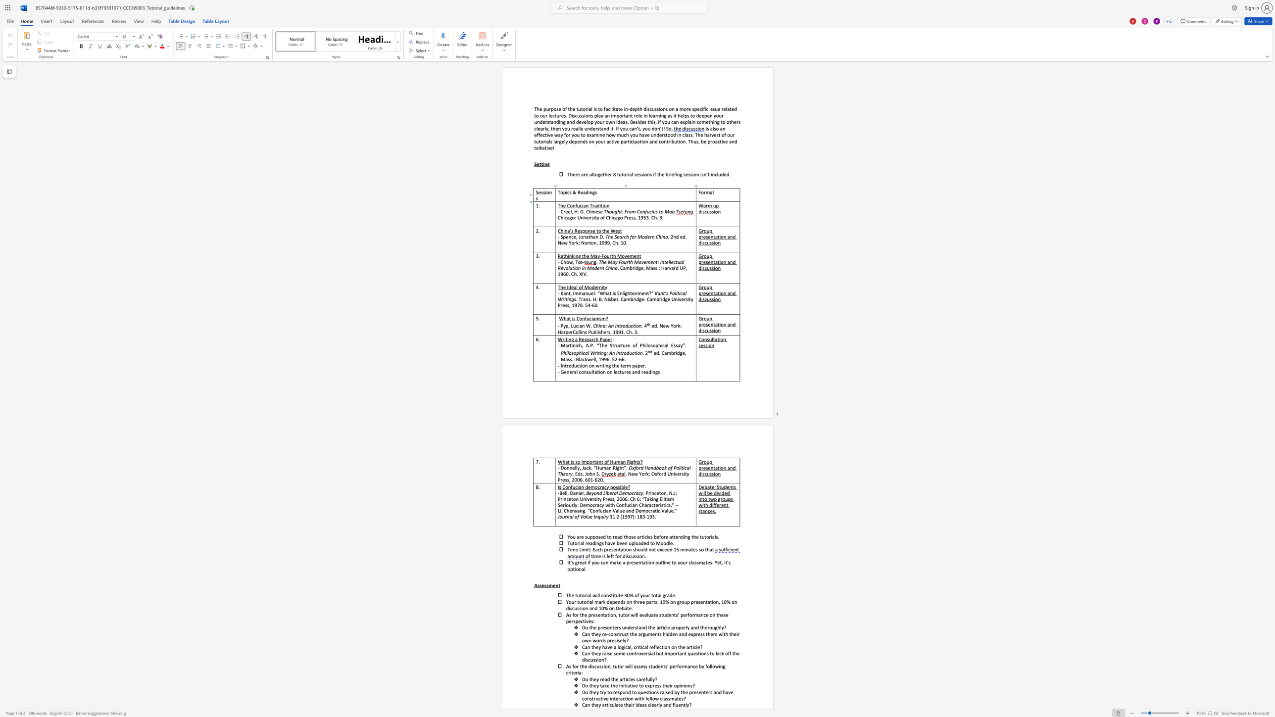 The height and width of the screenshot is (717, 1275). I want to click on the space between the continuous character "t" and "h" in the text, so click(590, 237).